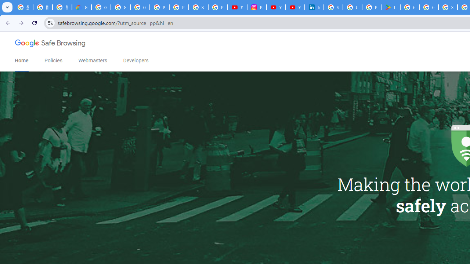 The width and height of the screenshot is (470, 264). I want to click on '#nbabasketballhighlights - YouTube', so click(237, 7).